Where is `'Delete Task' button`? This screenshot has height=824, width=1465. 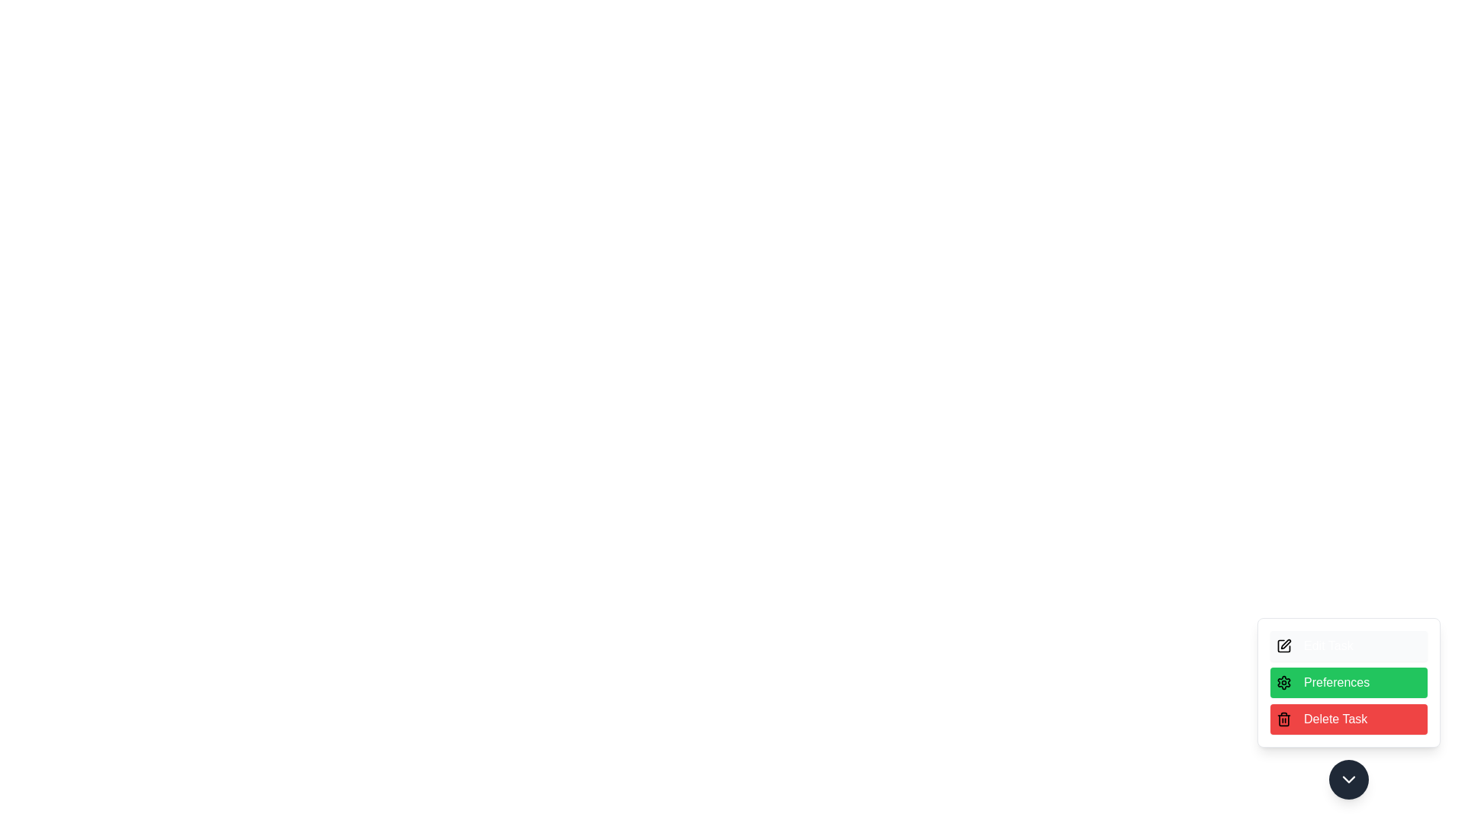 'Delete Task' button is located at coordinates (1348, 719).